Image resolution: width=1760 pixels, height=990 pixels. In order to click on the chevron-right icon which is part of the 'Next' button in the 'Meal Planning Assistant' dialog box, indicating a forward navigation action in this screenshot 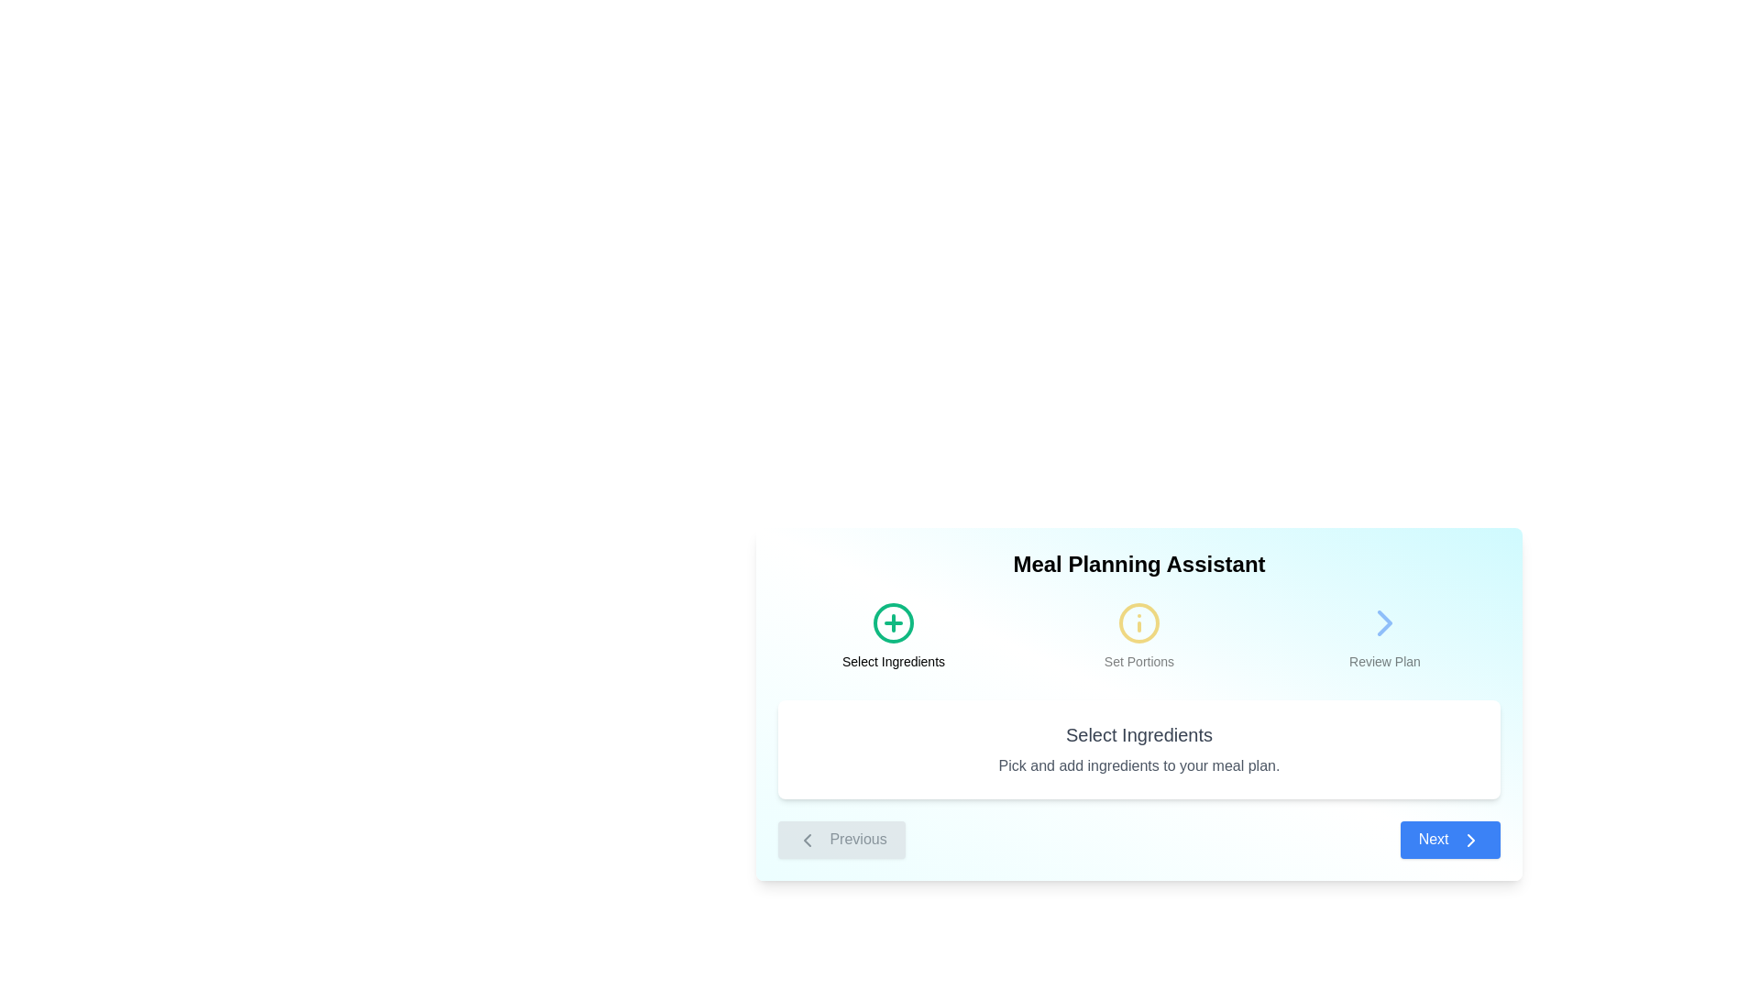, I will do `click(1470, 839)`.